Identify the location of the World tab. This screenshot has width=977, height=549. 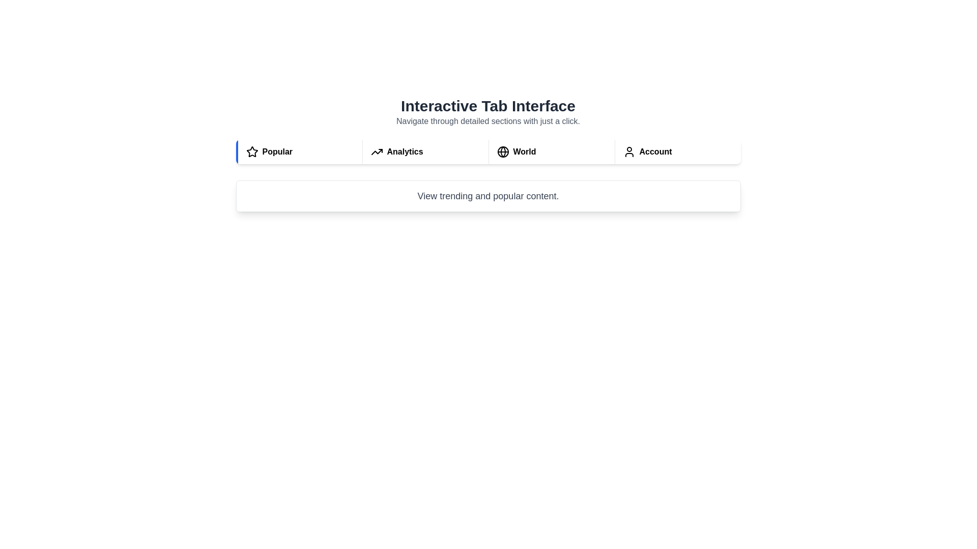
(551, 152).